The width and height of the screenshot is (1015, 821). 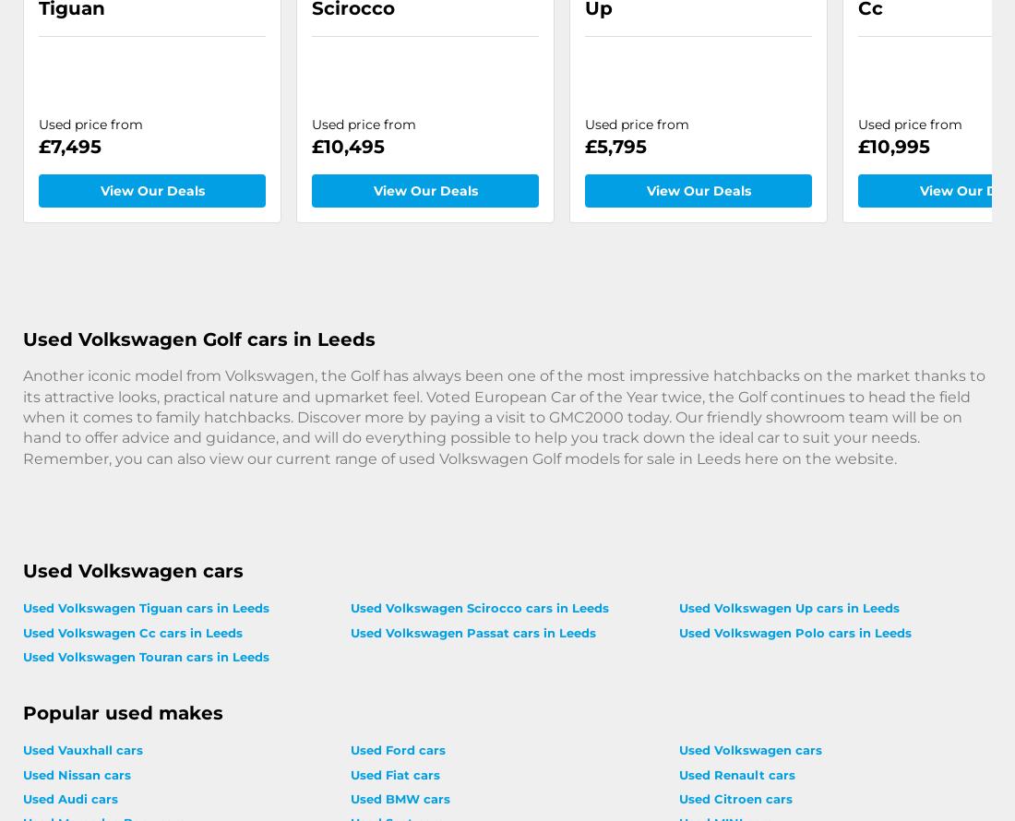 I want to click on 'Used Volkswagen Polo cars in Leeds', so click(x=793, y=631).